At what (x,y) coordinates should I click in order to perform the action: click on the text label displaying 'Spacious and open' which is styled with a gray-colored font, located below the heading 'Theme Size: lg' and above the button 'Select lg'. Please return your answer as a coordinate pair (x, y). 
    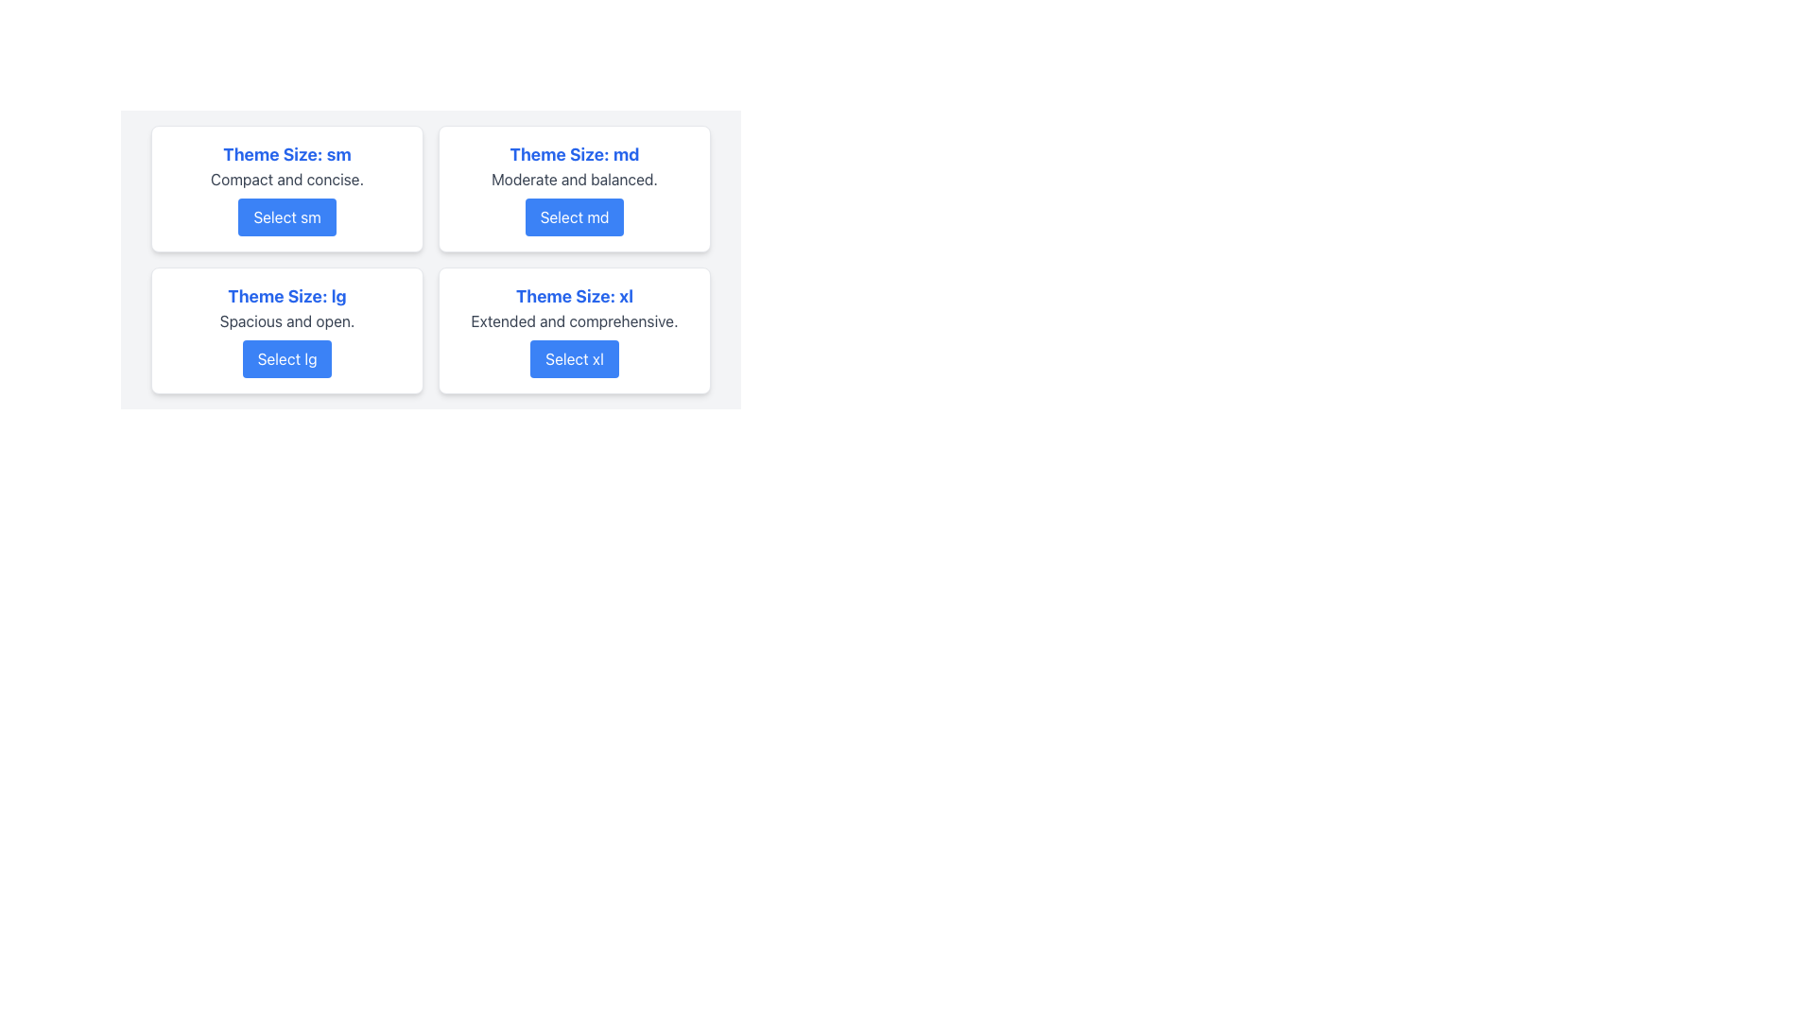
    Looking at the image, I should click on (285, 320).